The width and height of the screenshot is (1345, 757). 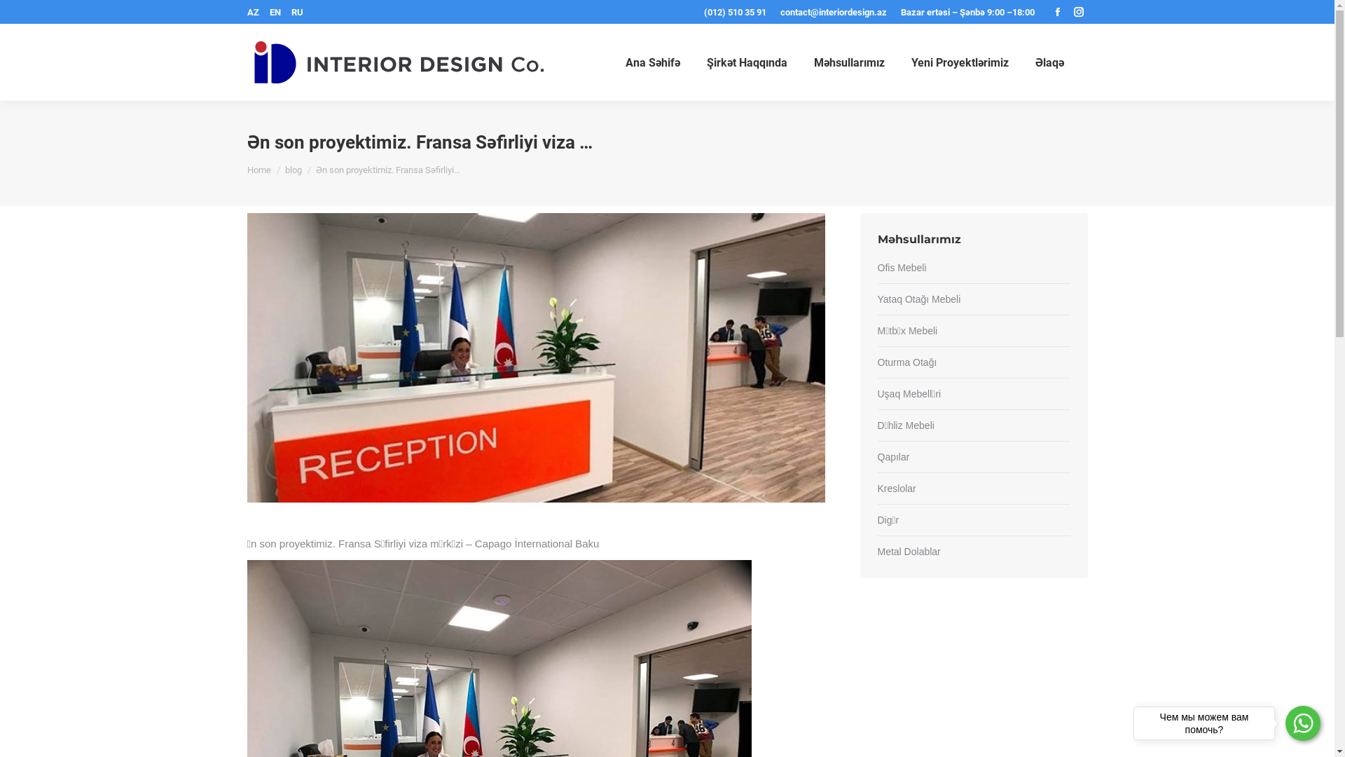 What do you see at coordinates (1056, 11) in the screenshot?
I see `'Facebook page opens in new window'` at bounding box center [1056, 11].